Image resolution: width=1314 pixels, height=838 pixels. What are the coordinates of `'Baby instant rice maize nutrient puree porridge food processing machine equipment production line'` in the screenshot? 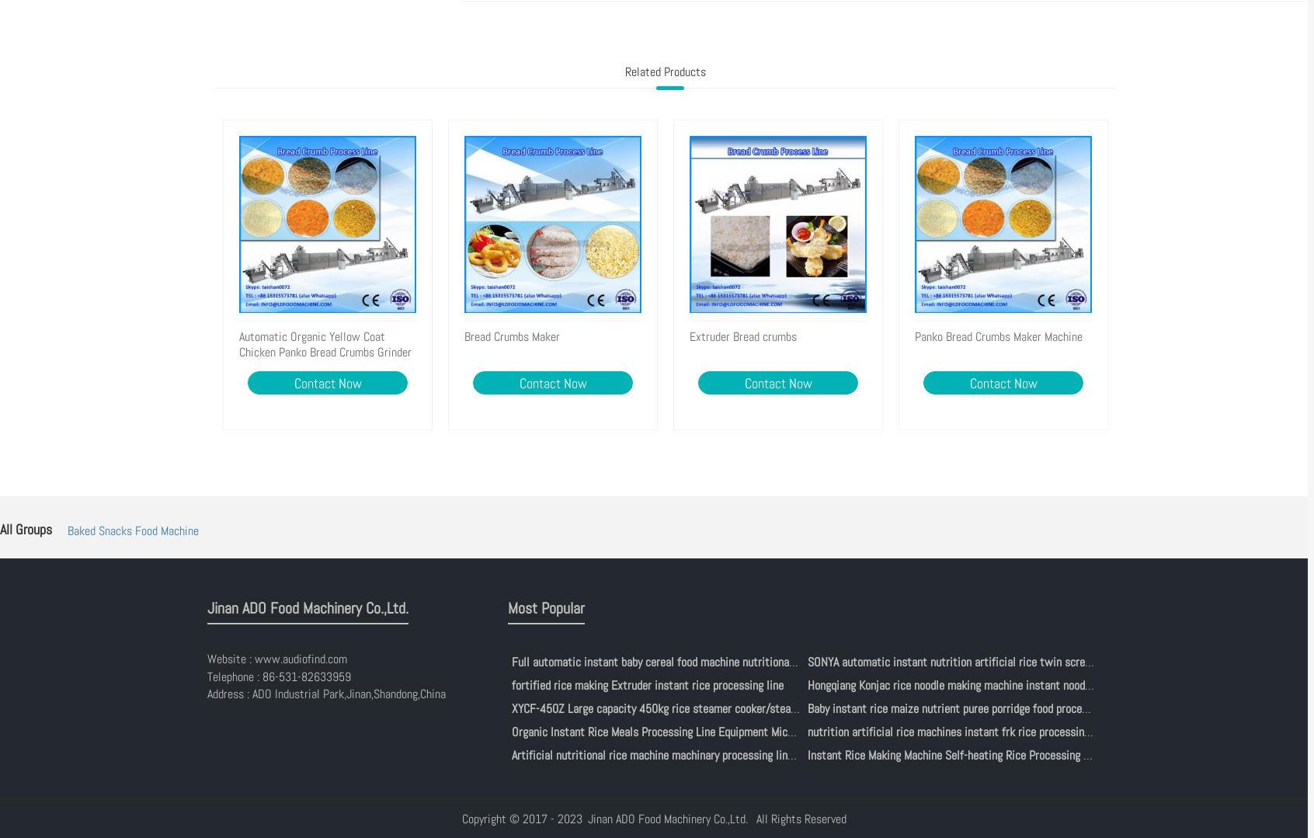 It's located at (807, 707).